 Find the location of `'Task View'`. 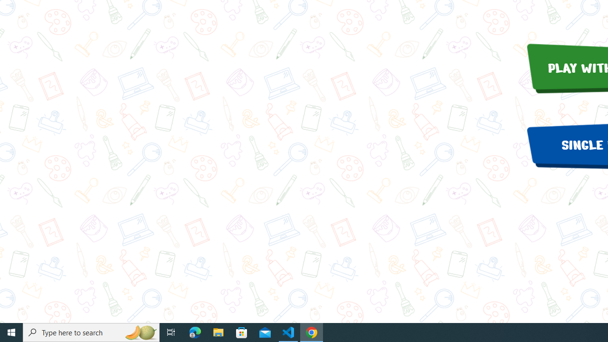

'Task View' is located at coordinates (171, 332).